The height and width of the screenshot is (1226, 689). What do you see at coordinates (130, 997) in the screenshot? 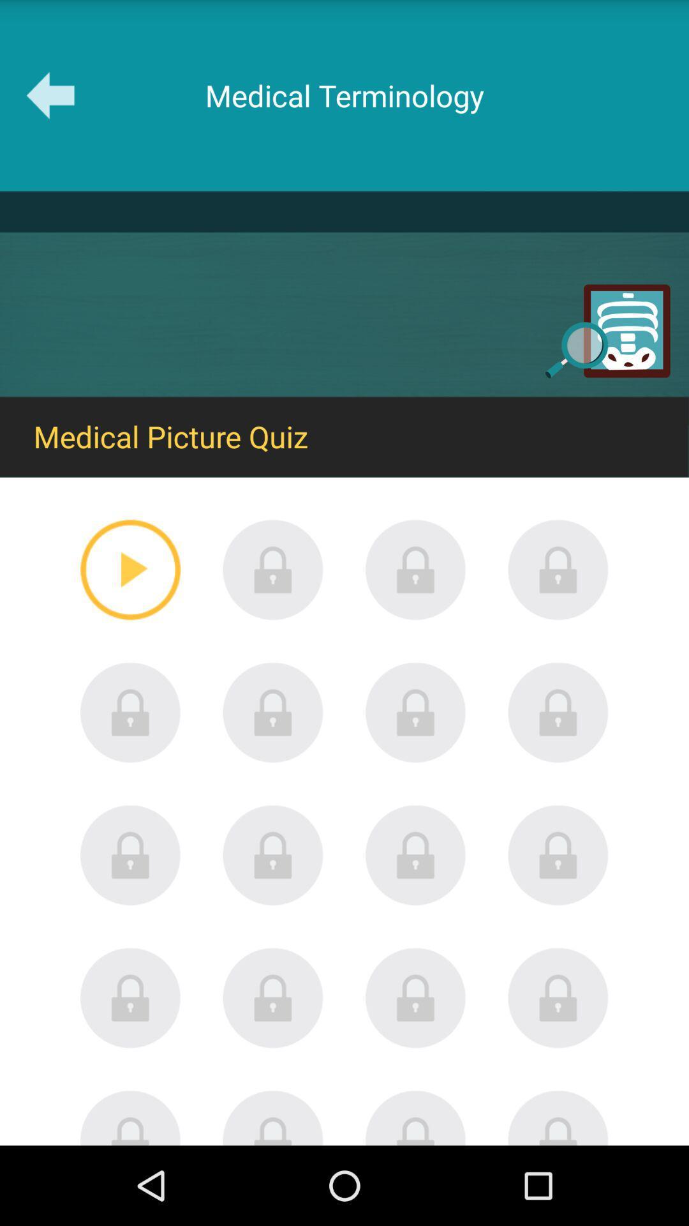
I see `the lock image of 1st column 4th row` at bounding box center [130, 997].